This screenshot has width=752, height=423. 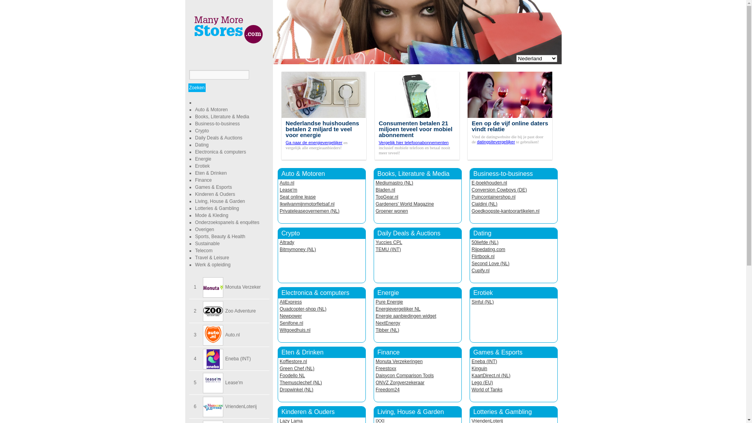 What do you see at coordinates (215, 194) in the screenshot?
I see `'Kinderen & Ouders'` at bounding box center [215, 194].